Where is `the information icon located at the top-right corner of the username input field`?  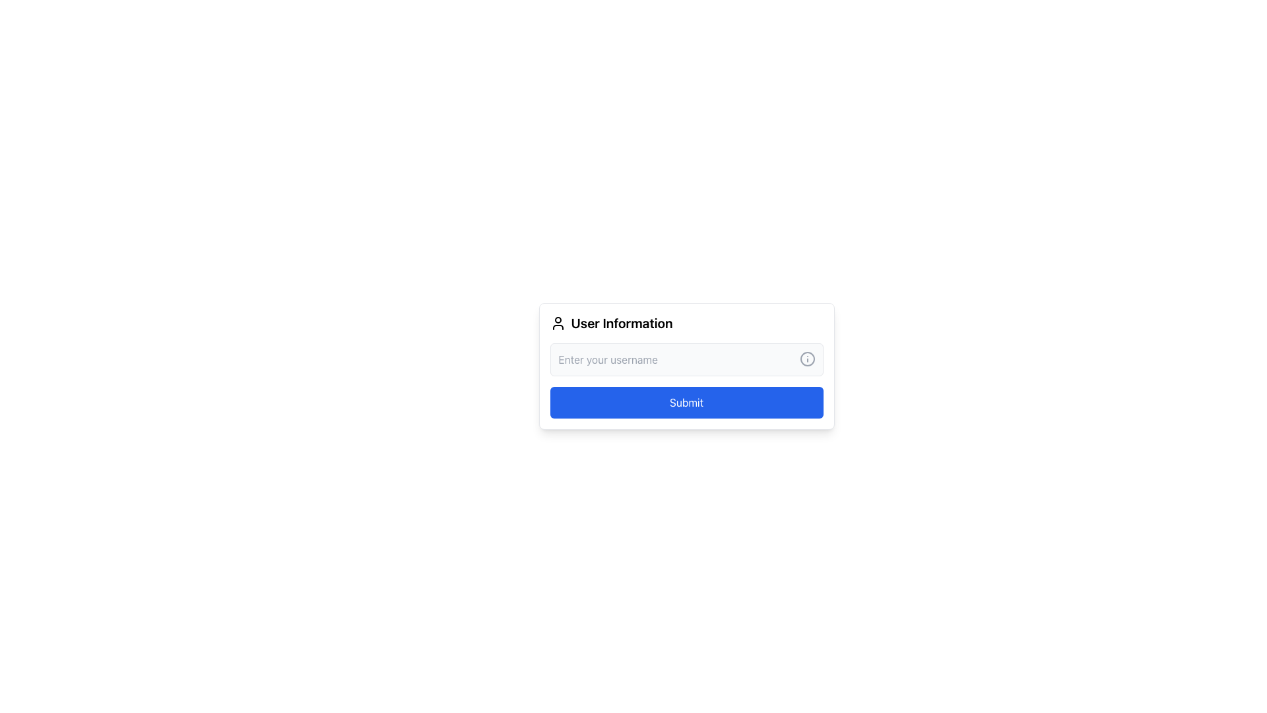
the information icon located at the top-right corner of the username input field is located at coordinates (806, 358).